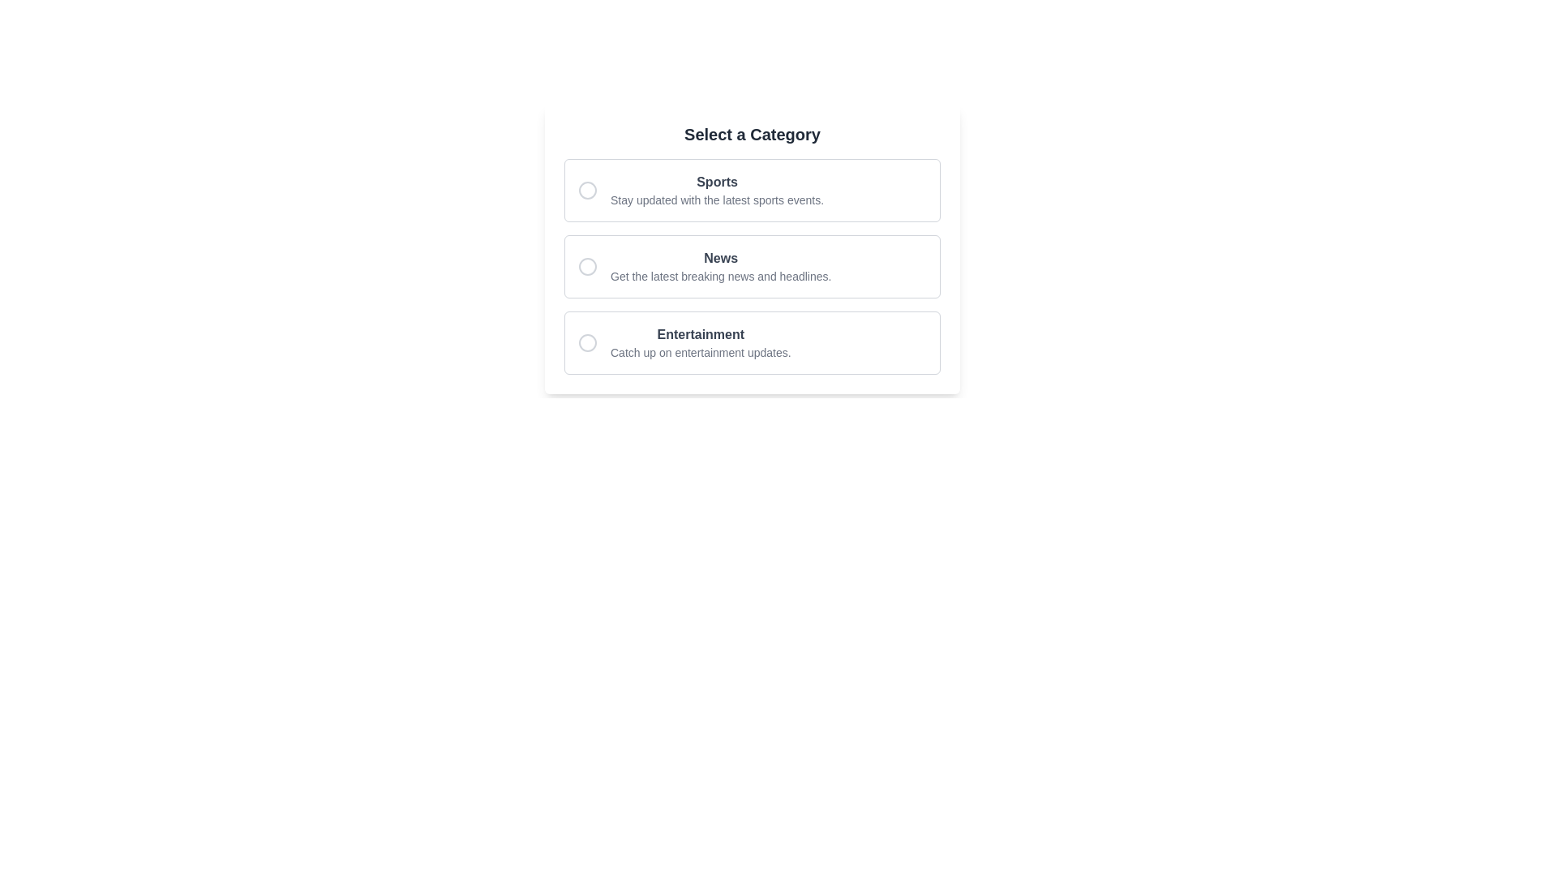 The width and height of the screenshot is (1557, 876). What do you see at coordinates (716, 182) in the screenshot?
I see `the bold text label 'Sports' in the 'Select a Category' section, which is styled in dark gray and positioned above the description 'Stay updated with the latest sports events.'` at bounding box center [716, 182].